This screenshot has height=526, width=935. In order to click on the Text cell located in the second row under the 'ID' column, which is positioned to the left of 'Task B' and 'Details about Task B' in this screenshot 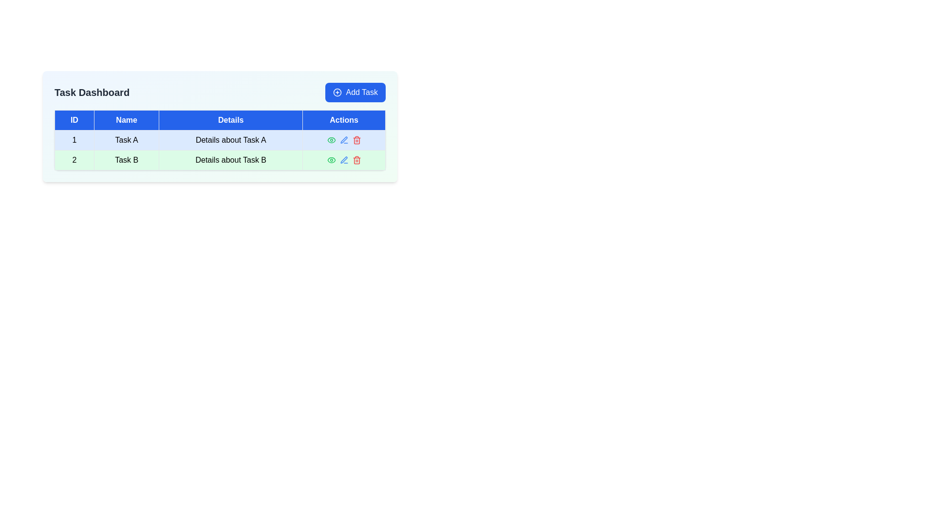, I will do `click(74, 159)`.